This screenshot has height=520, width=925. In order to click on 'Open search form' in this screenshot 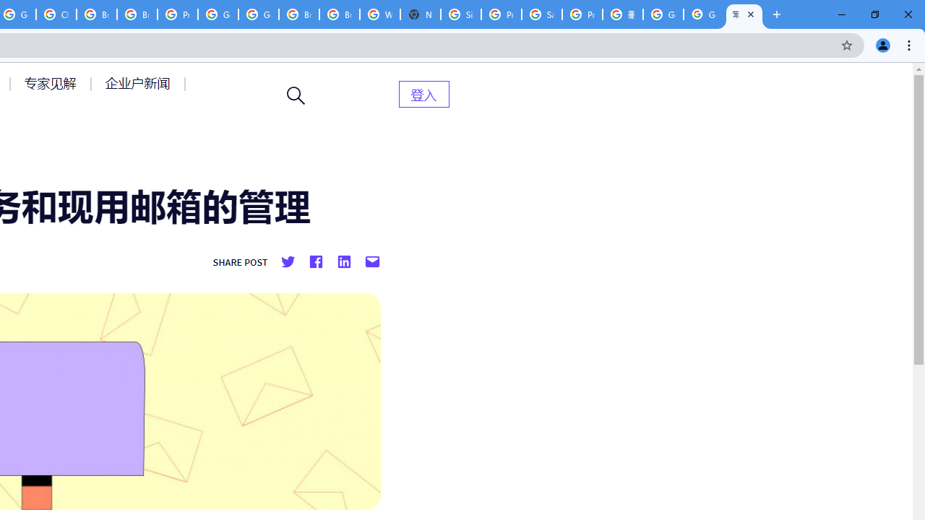, I will do `click(296, 95)`.